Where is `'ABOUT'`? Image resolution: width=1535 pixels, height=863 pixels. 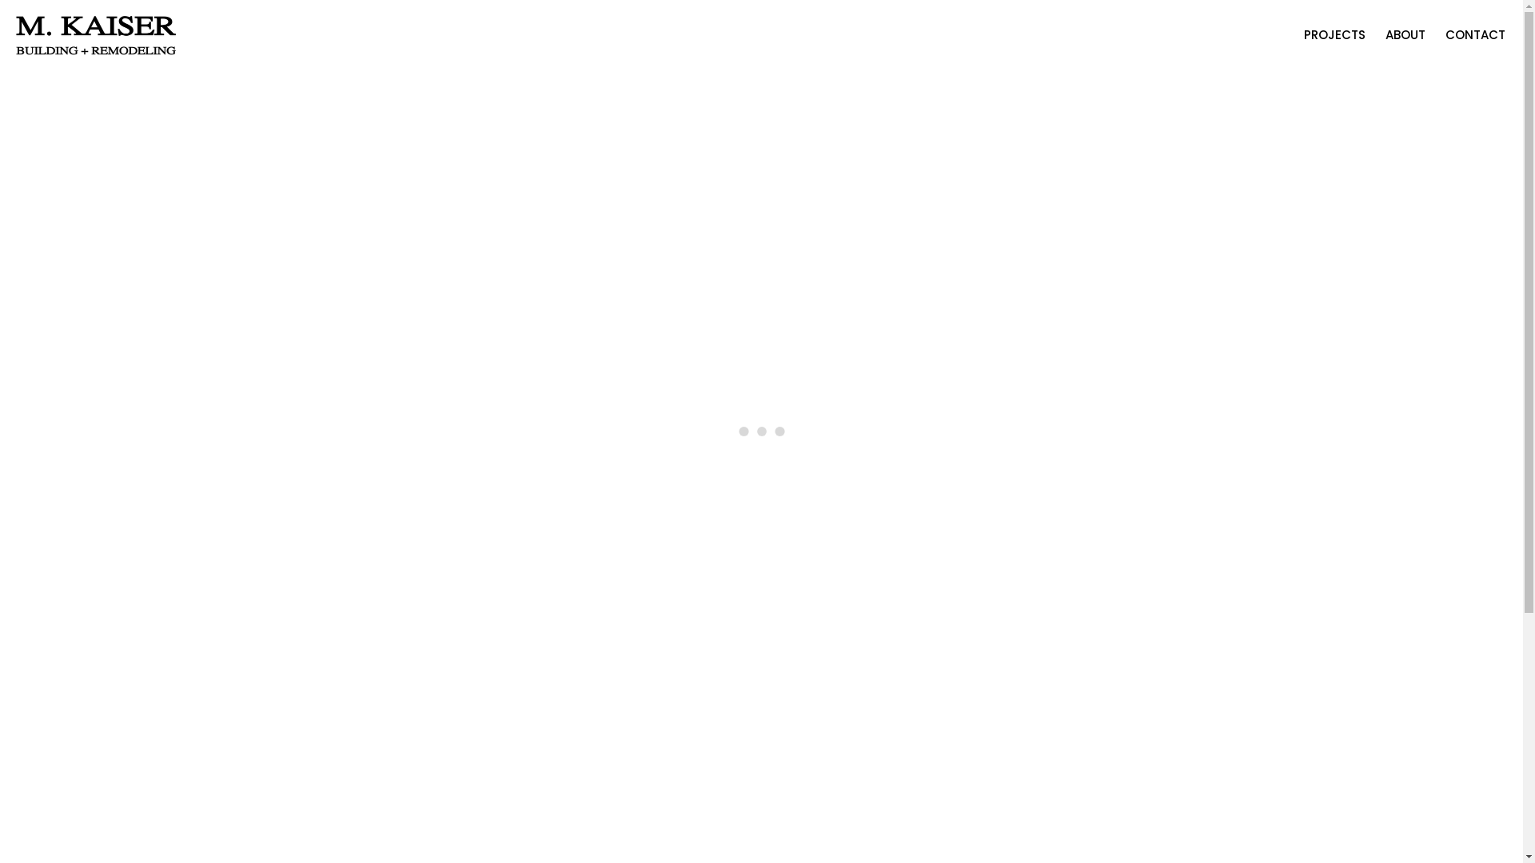
'ABOUT' is located at coordinates (1404, 36).